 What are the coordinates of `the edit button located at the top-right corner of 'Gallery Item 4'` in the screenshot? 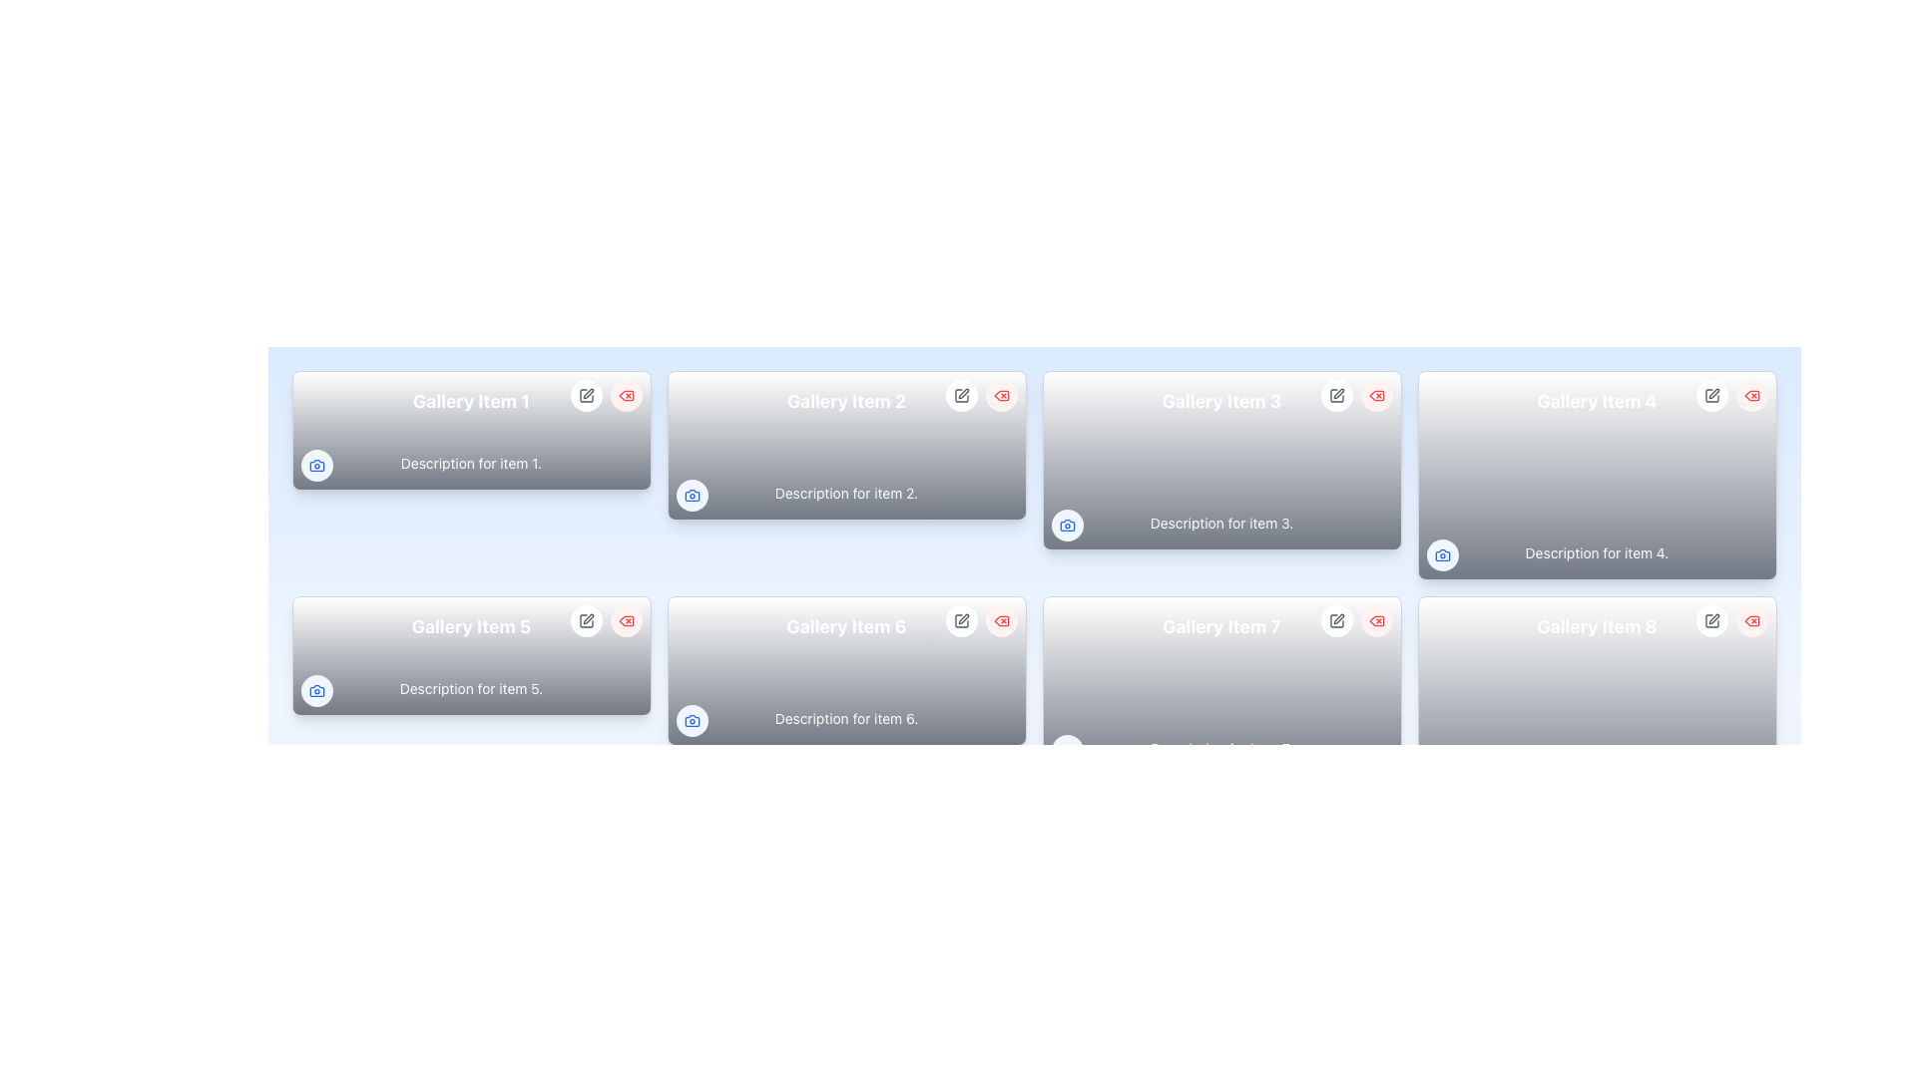 It's located at (1710, 396).